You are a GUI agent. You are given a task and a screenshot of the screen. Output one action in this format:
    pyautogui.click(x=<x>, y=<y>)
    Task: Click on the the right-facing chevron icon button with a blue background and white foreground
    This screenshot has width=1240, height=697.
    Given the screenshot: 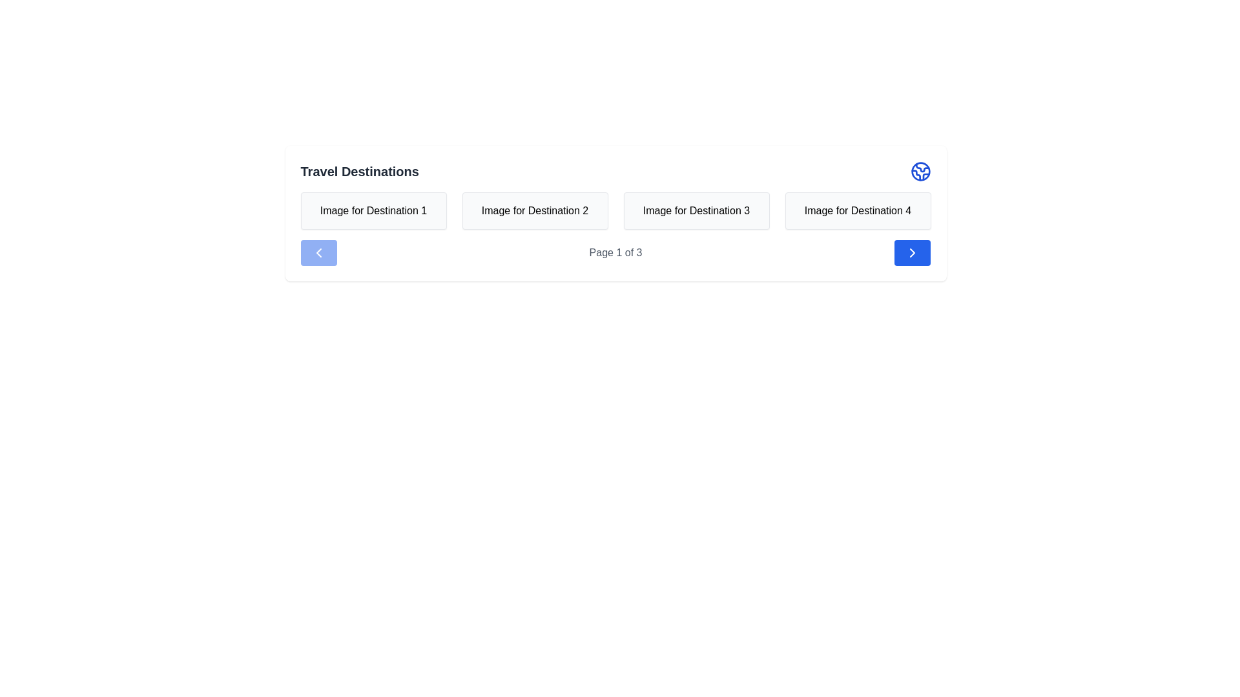 What is the action you would take?
    pyautogui.click(x=912, y=253)
    